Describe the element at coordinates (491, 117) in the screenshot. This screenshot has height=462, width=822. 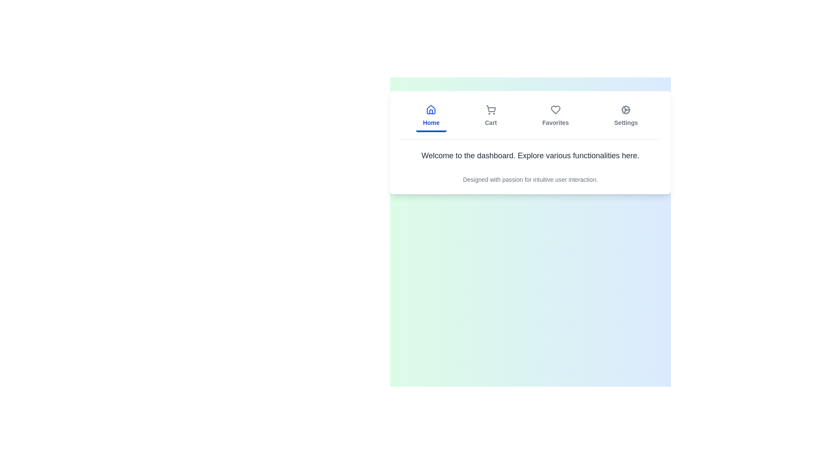
I see `the navigation button that leads to the cart, located second from the left in the horizontal navigation bar, between 'Home' and 'Favorites'` at that location.